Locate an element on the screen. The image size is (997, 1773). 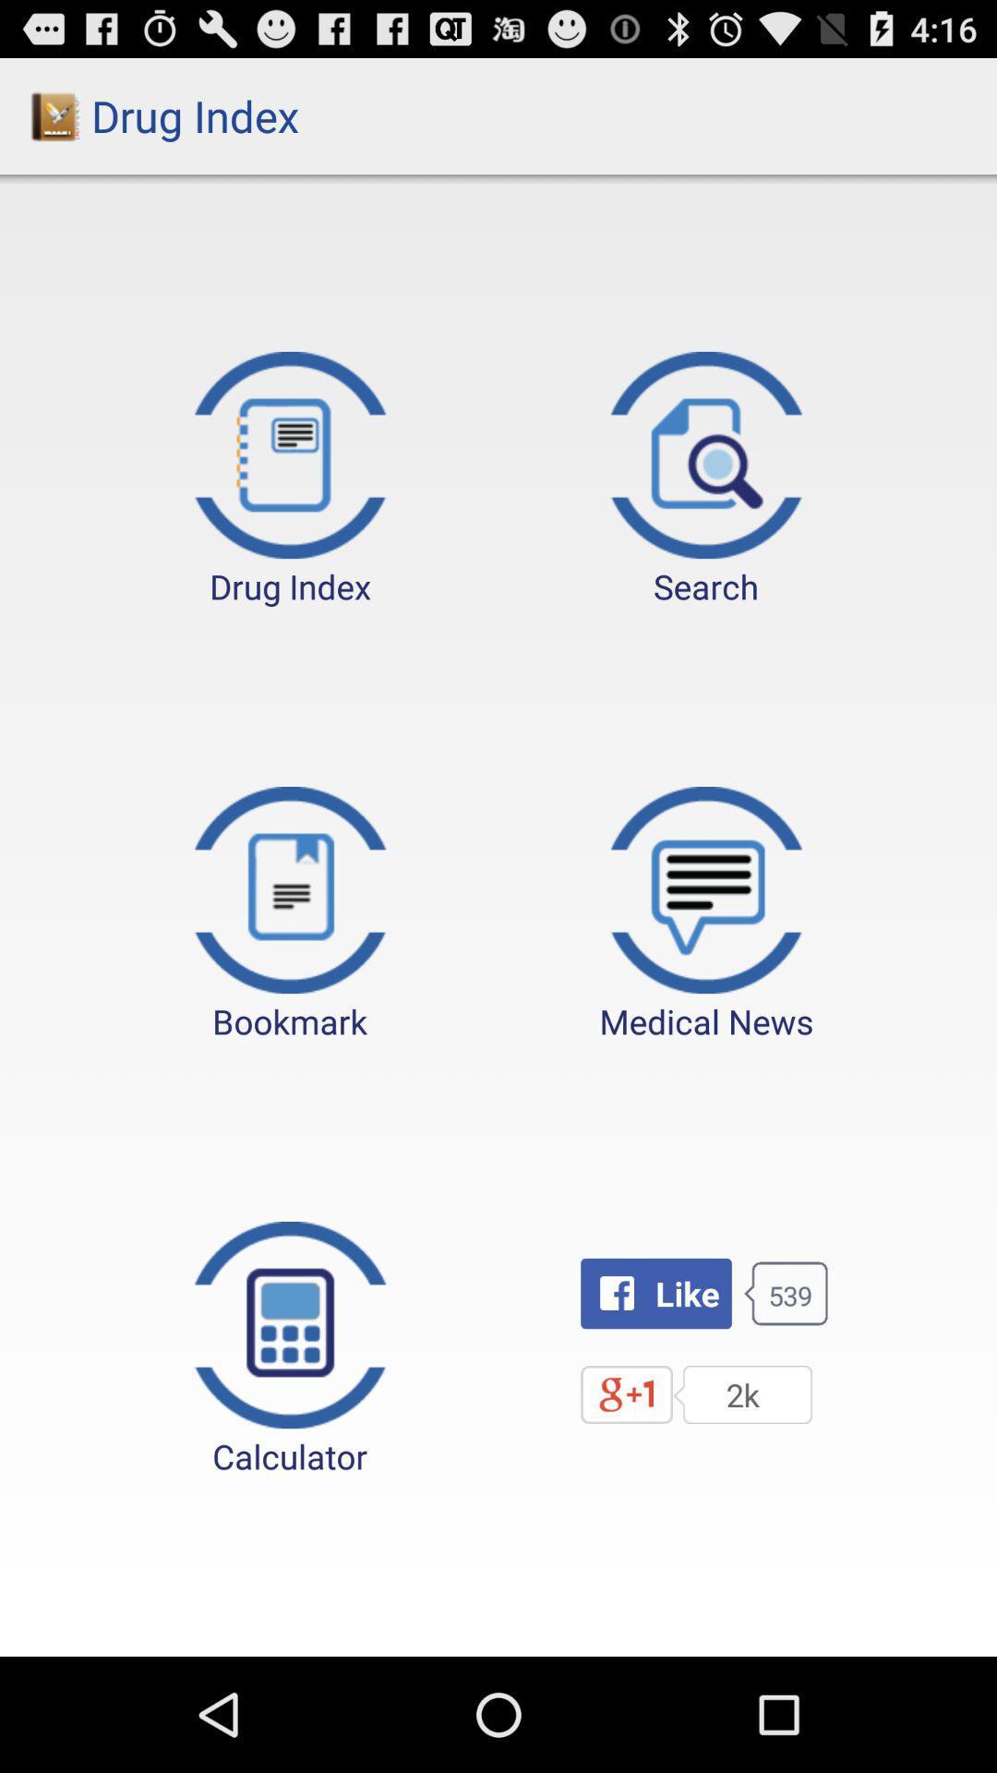
calculator button is located at coordinates (290, 1350).